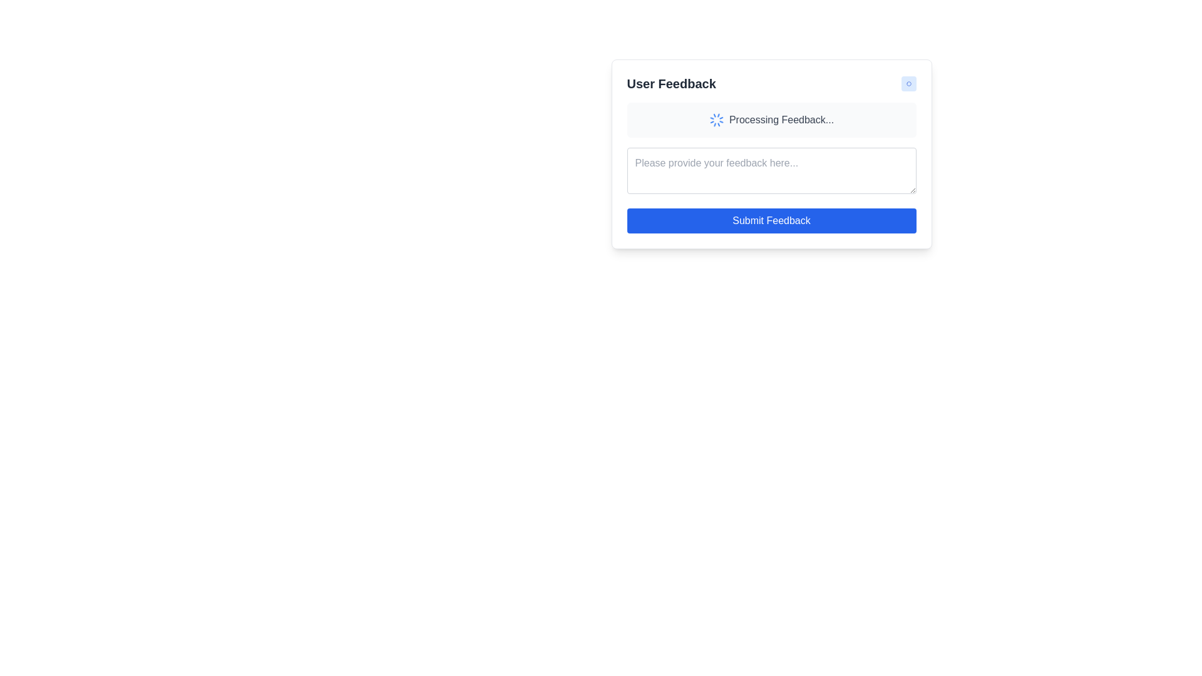 The height and width of the screenshot is (676, 1202). Describe the element at coordinates (771, 120) in the screenshot. I see `the informative message with a loader located in the 'User Feedback' modal, which indicates that user feedback is being processed` at that location.